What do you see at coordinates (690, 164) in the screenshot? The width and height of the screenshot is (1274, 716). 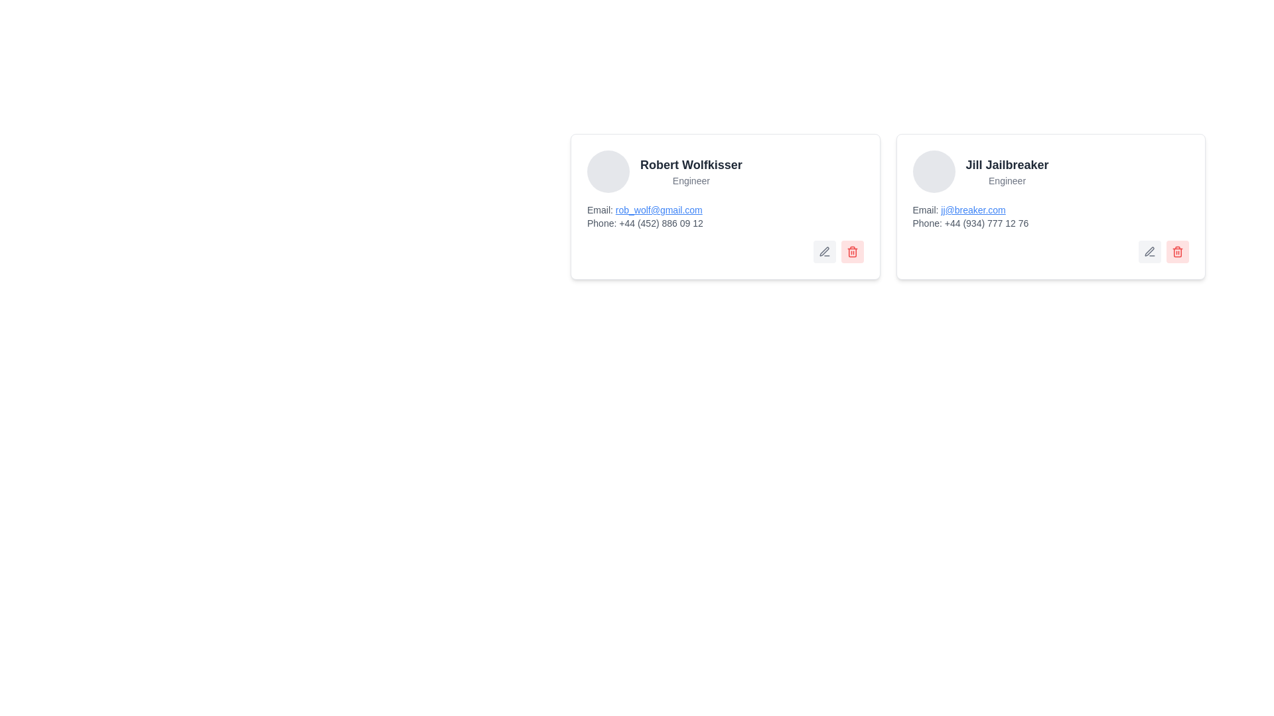 I see `the information displayed in the Text Display that shows the name 'Robert Wolfkisser' in bold, large dark gray font at the top-left of the user profile card layout` at bounding box center [690, 164].